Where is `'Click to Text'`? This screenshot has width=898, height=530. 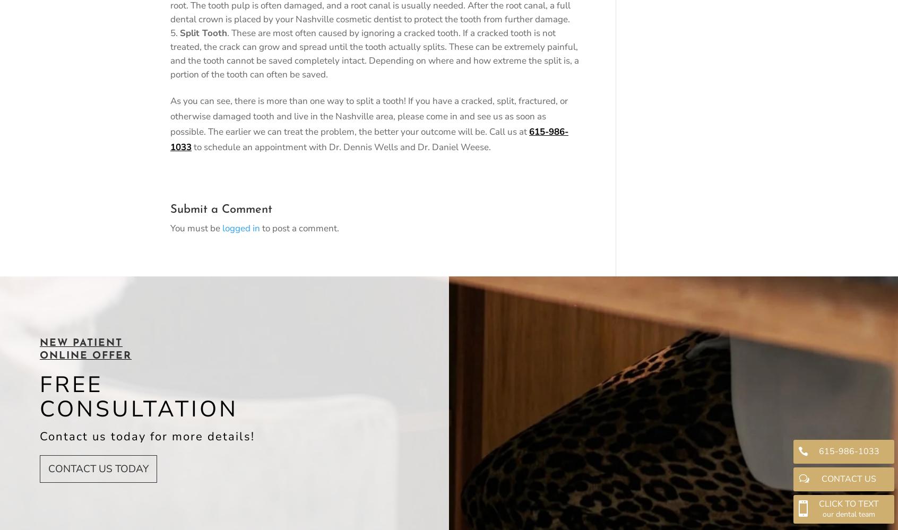
'Click to Text' is located at coordinates (848, 502).